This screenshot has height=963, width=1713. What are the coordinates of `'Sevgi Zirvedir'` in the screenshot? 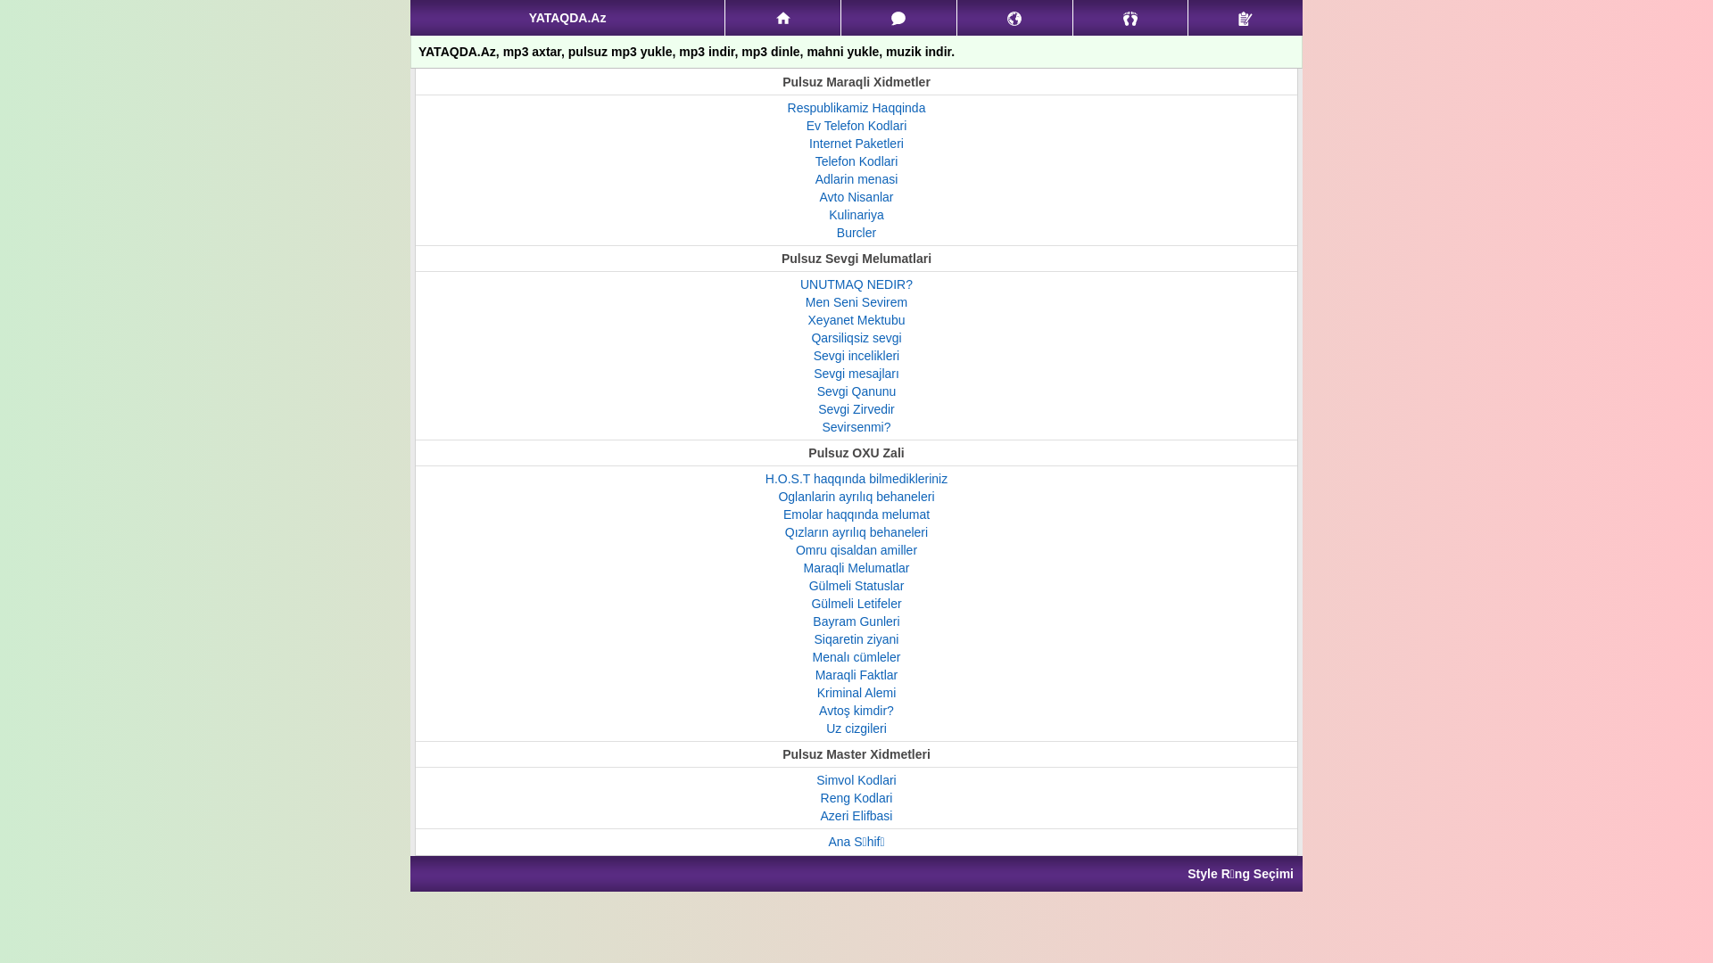 It's located at (856, 409).